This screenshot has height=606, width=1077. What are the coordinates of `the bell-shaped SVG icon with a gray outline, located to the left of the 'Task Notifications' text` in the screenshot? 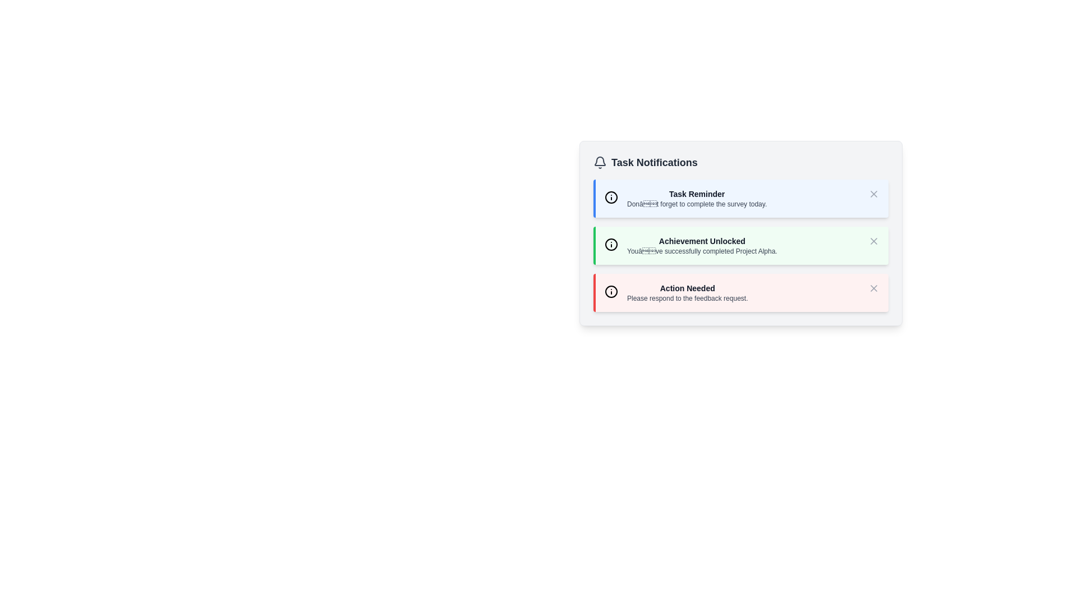 It's located at (600, 162).